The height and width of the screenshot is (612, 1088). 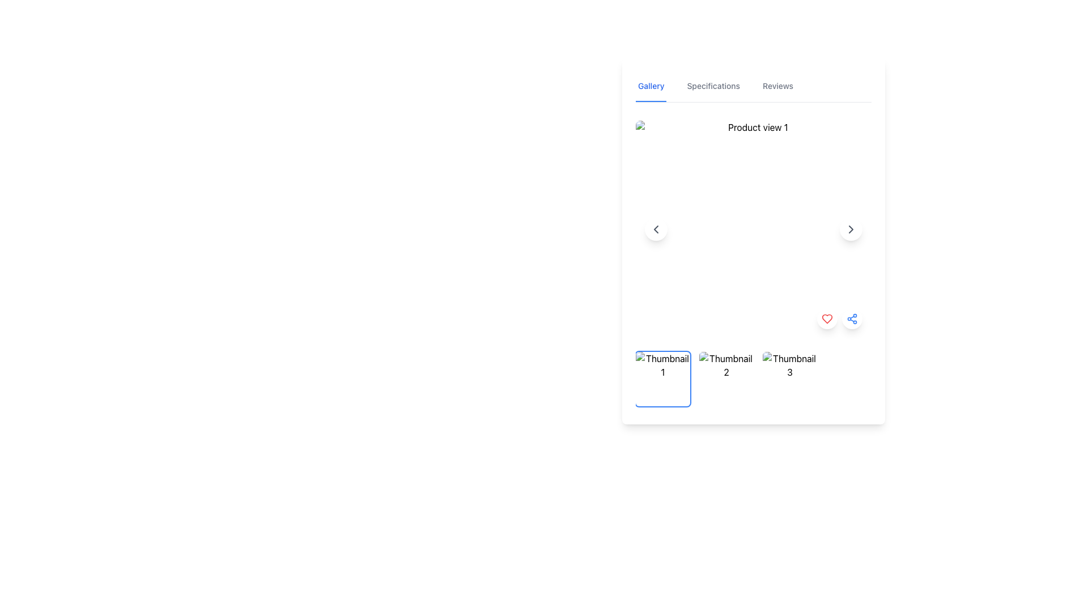 I want to click on the 'Reviews' tab item in the horizontal navigation to change its style and highlight it, so click(x=777, y=86).